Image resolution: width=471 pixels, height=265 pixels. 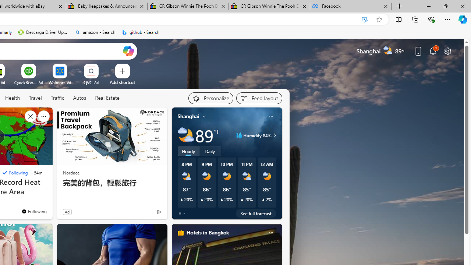 What do you see at coordinates (122, 82) in the screenshot?
I see `'Add a site'` at bounding box center [122, 82].